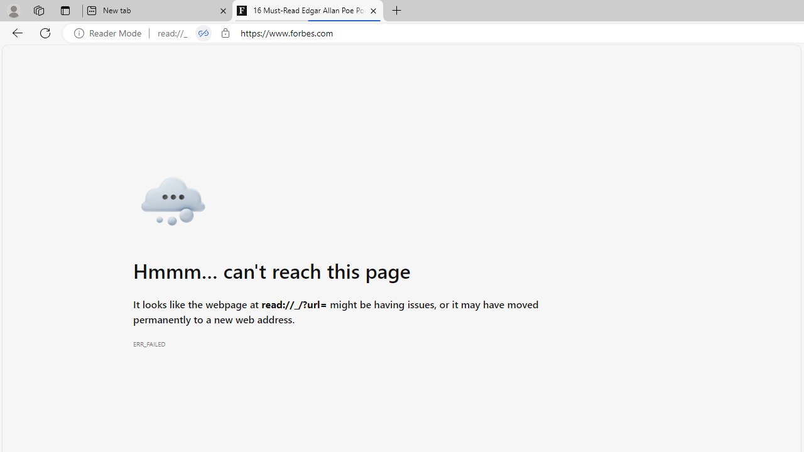 The width and height of the screenshot is (804, 452). I want to click on '16 Must-Read Edgar Allan Poe Poems And Short Stories', so click(308, 11).